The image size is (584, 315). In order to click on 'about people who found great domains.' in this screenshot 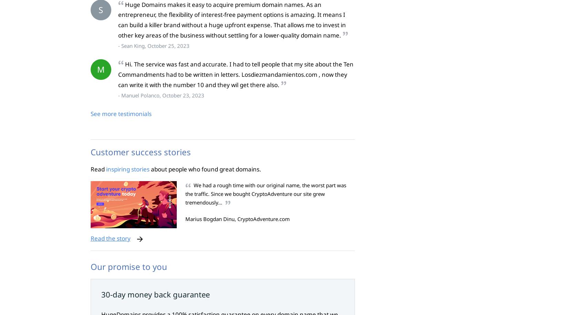, I will do `click(204, 168)`.